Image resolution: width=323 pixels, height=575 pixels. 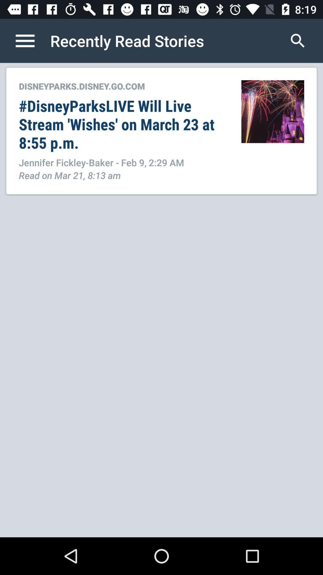 I want to click on open menu, so click(x=31, y=40).